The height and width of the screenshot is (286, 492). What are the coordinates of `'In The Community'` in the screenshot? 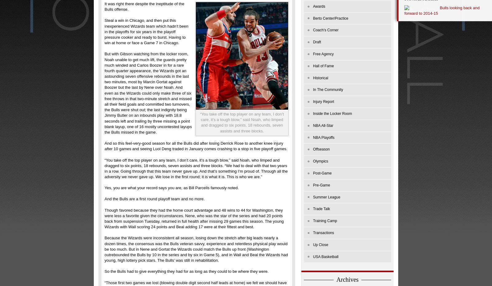 It's located at (328, 89).